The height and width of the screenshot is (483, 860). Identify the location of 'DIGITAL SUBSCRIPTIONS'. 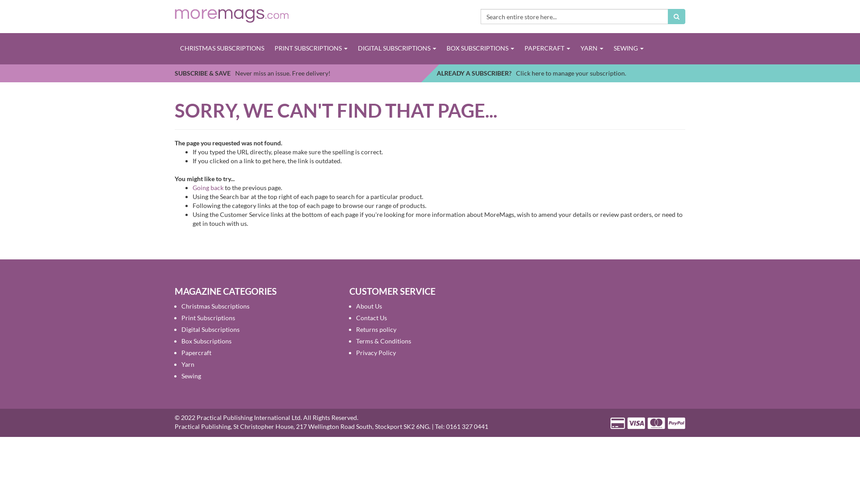
(396, 48).